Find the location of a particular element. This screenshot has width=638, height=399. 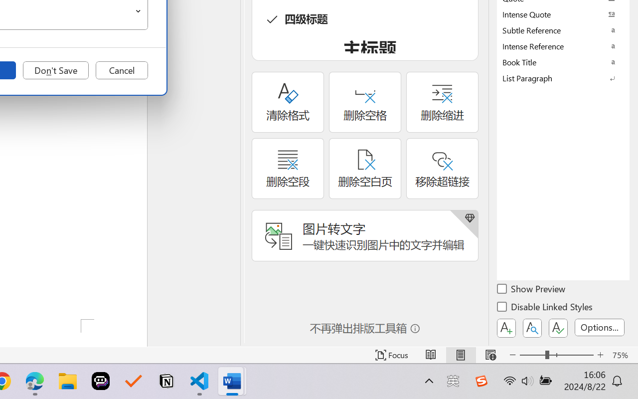

'Show Preview' is located at coordinates (531, 290).